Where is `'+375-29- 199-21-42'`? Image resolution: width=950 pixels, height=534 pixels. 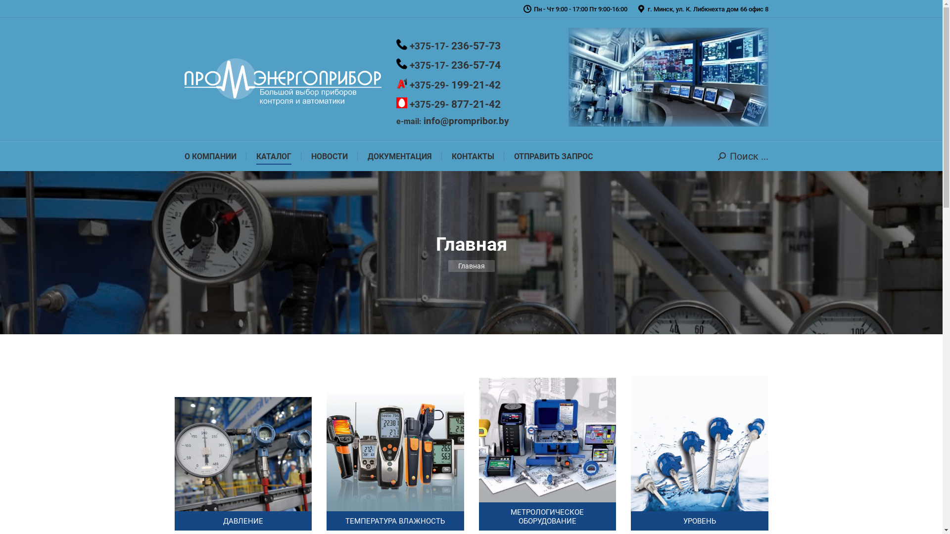 '+375-29- 199-21-42' is located at coordinates (447, 85).